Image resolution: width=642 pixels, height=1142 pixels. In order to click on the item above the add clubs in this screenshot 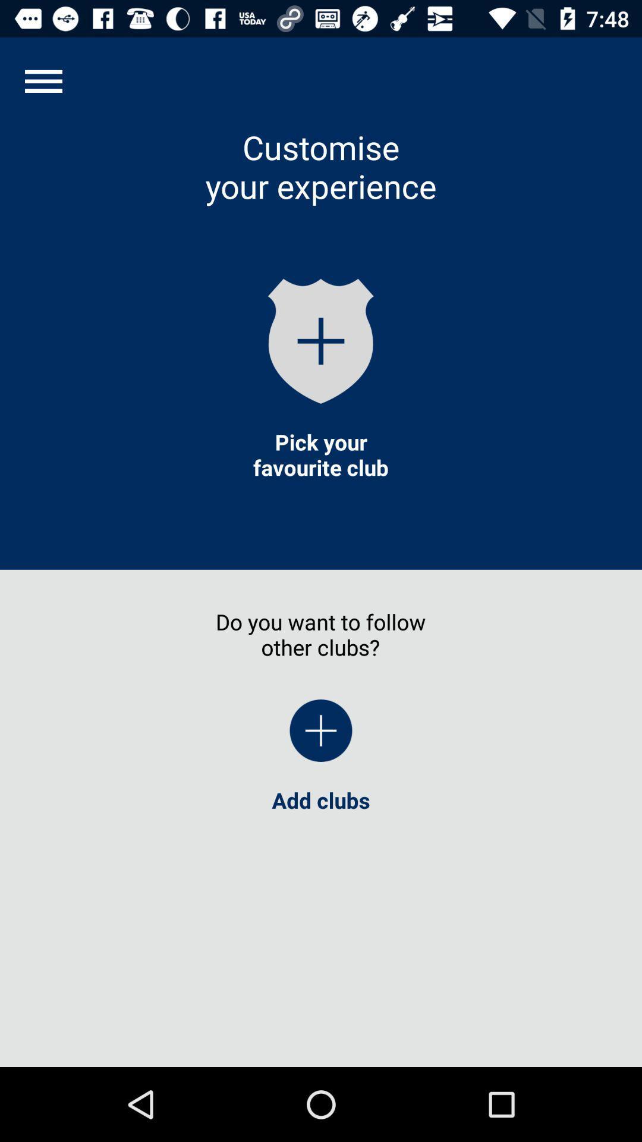, I will do `click(321, 730)`.